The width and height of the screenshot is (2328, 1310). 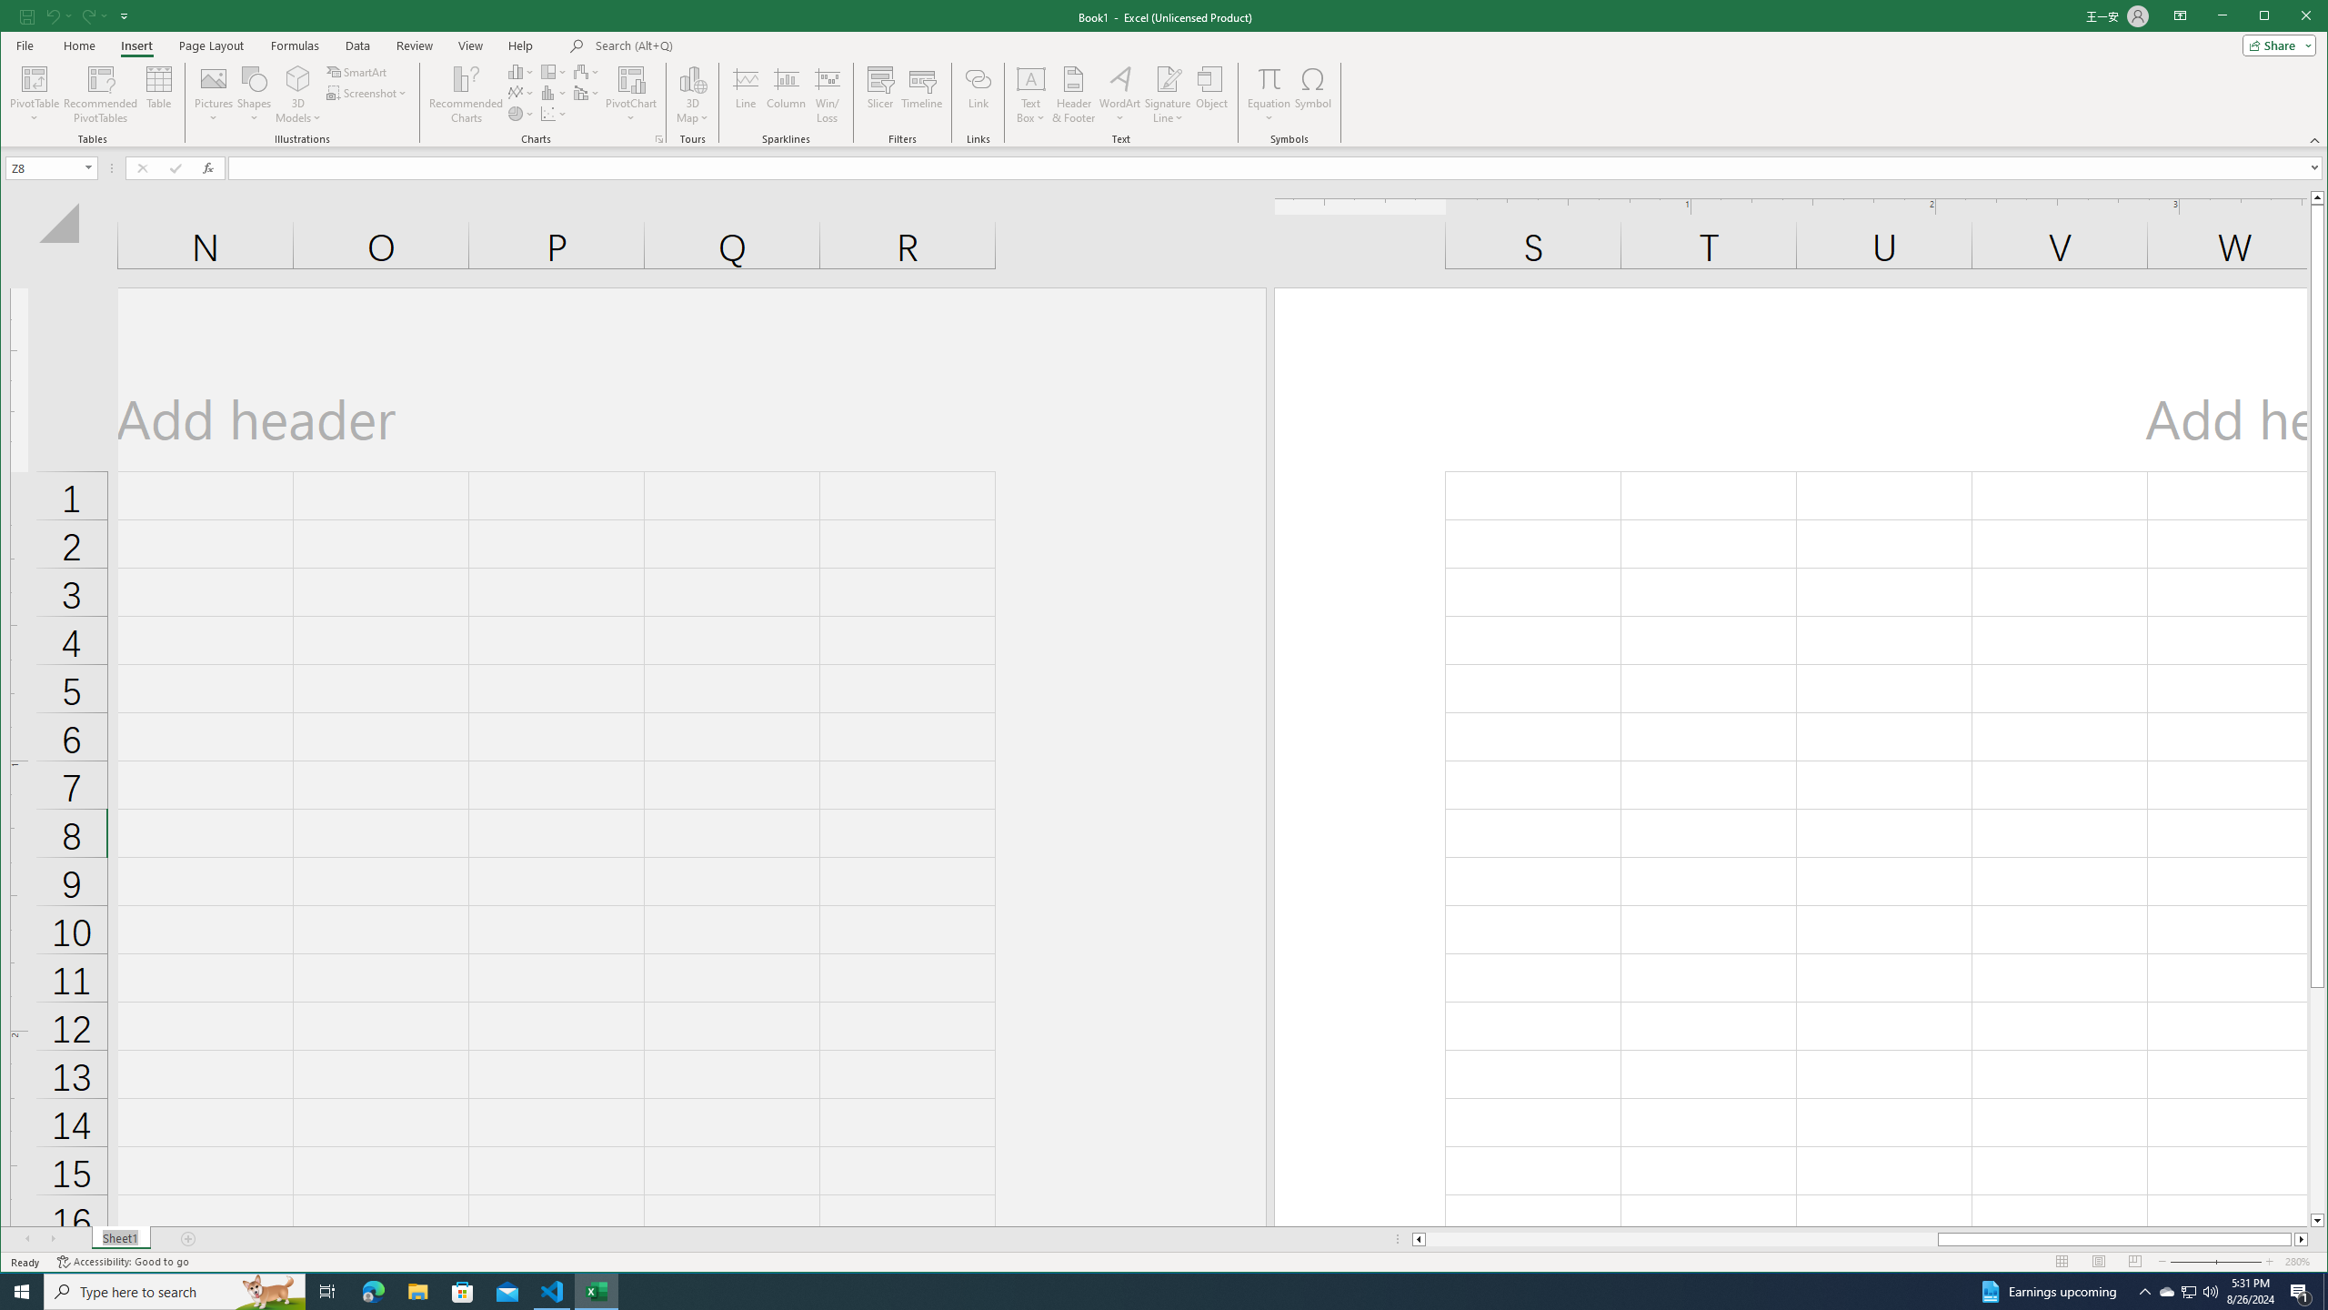 What do you see at coordinates (692, 94) in the screenshot?
I see `'3D Map'` at bounding box center [692, 94].